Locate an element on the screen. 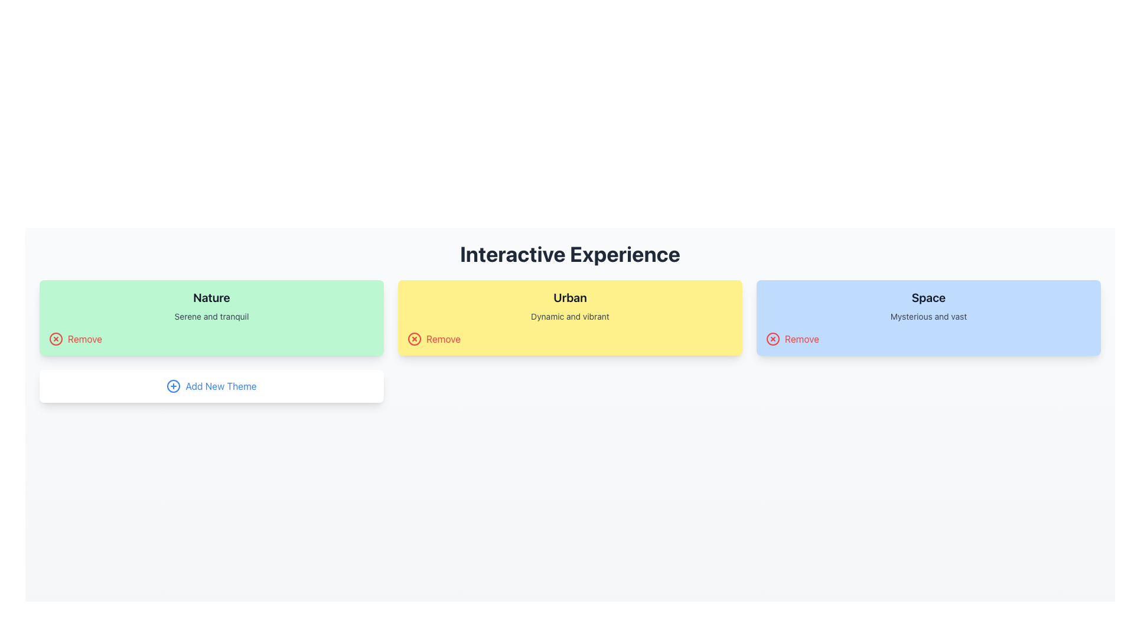 This screenshot has width=1134, height=637. the 'Add New Theme' text label with a blue color and a plus icon on the left is located at coordinates (221, 386).